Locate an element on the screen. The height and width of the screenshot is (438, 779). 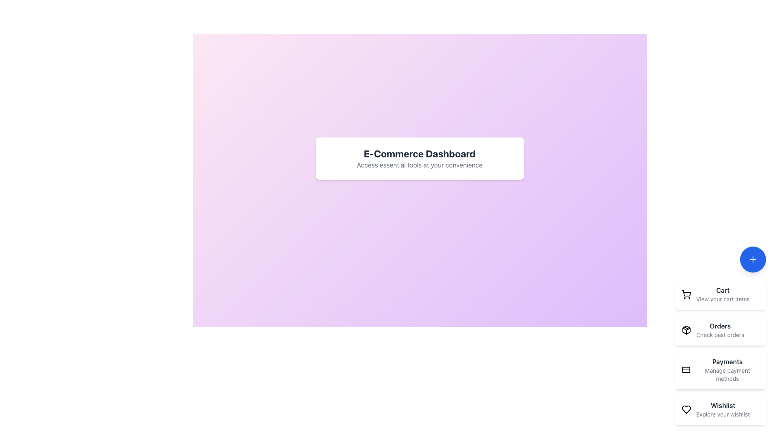
the 'Wishlist' icon, which is the fourth option in the right-aligned menu of vertically stacked items is located at coordinates (686, 410).